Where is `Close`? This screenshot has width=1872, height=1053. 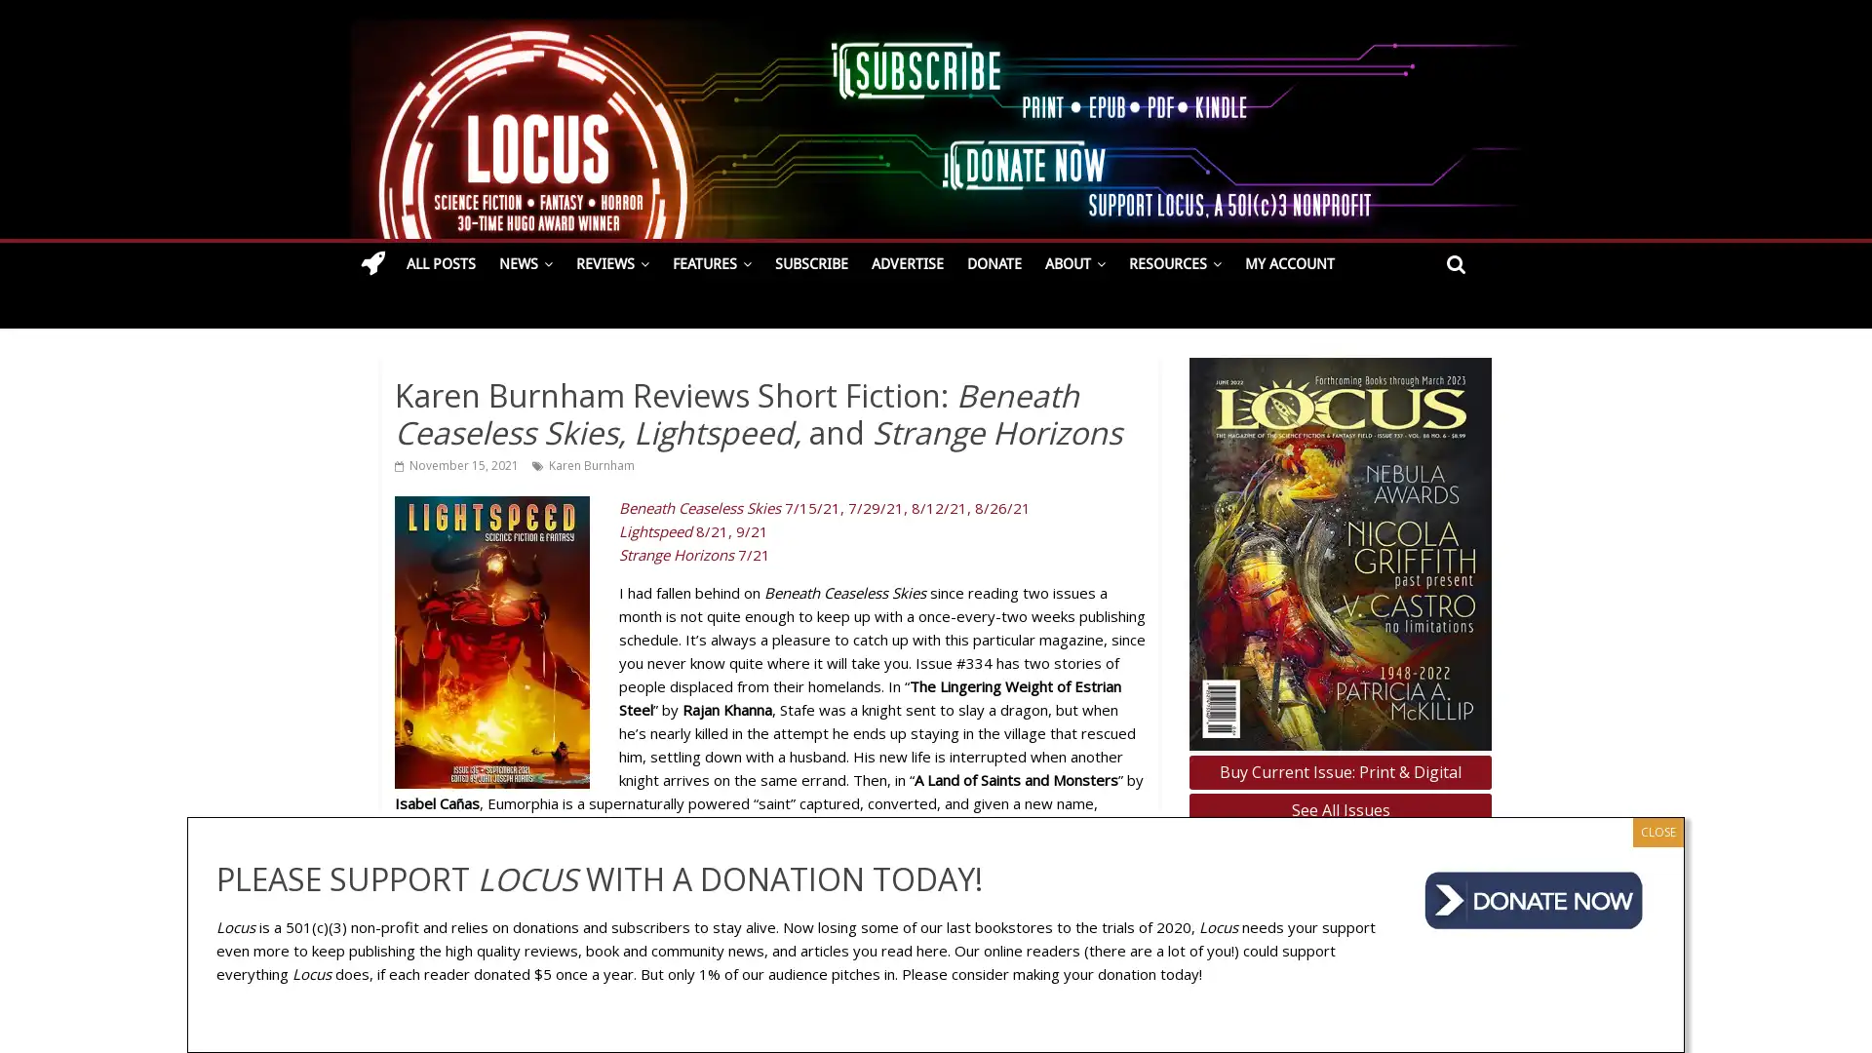
Close is located at coordinates (1657, 831).